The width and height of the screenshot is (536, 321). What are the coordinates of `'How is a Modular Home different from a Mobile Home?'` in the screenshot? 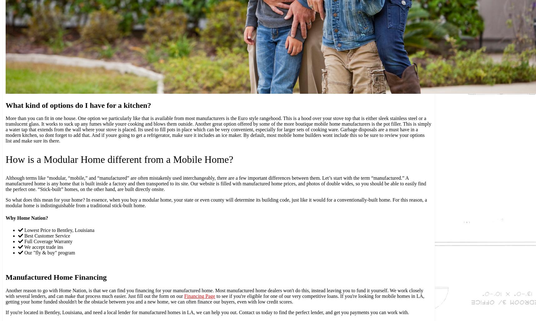 It's located at (119, 159).